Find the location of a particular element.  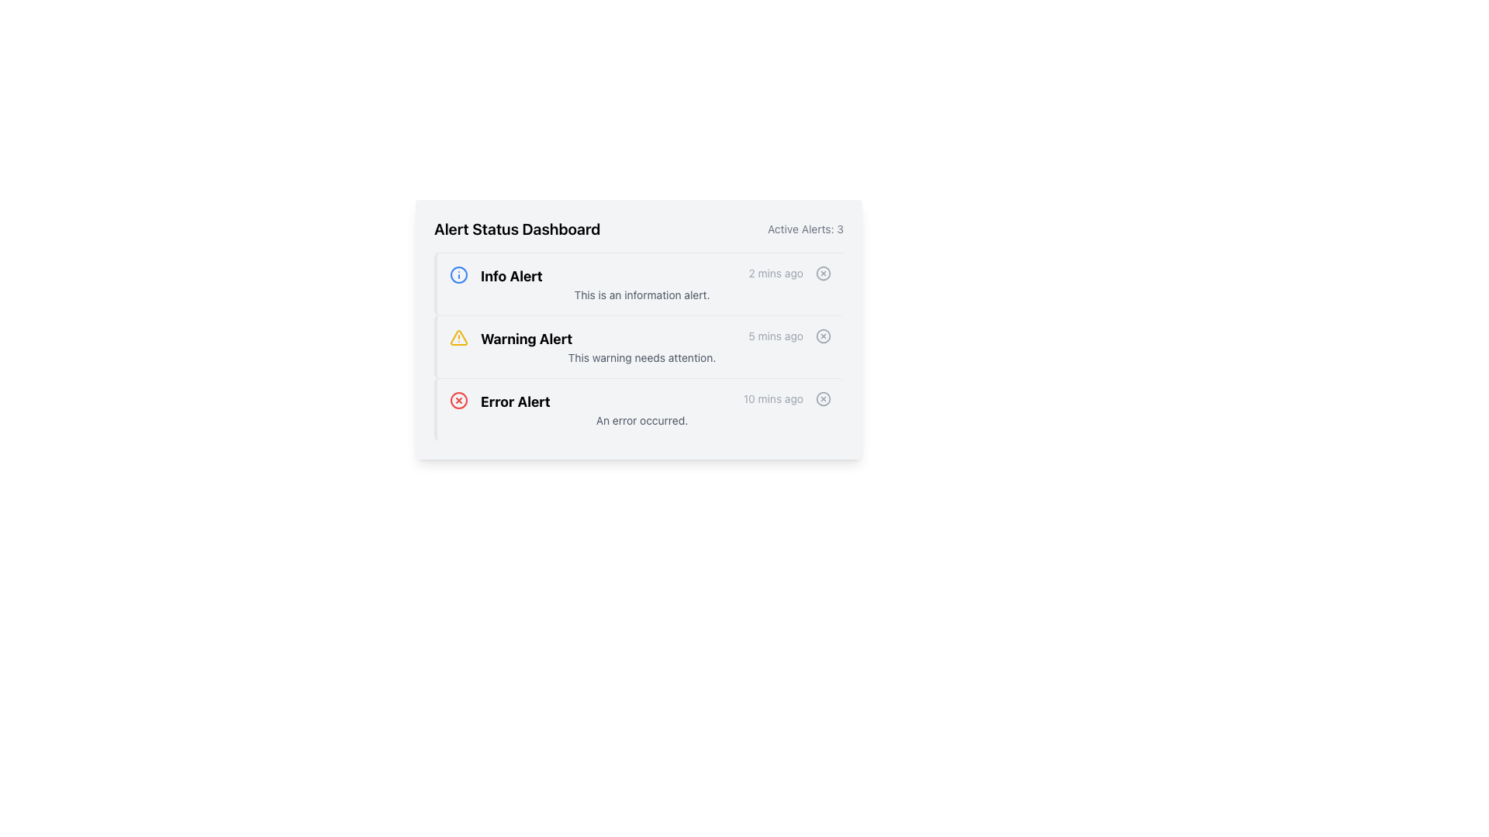

text-based informational display that conveys key details about the alert type and its occurrence time, positioned horizontally next to the sibling element 'This is an information alert' is located at coordinates (642, 276).